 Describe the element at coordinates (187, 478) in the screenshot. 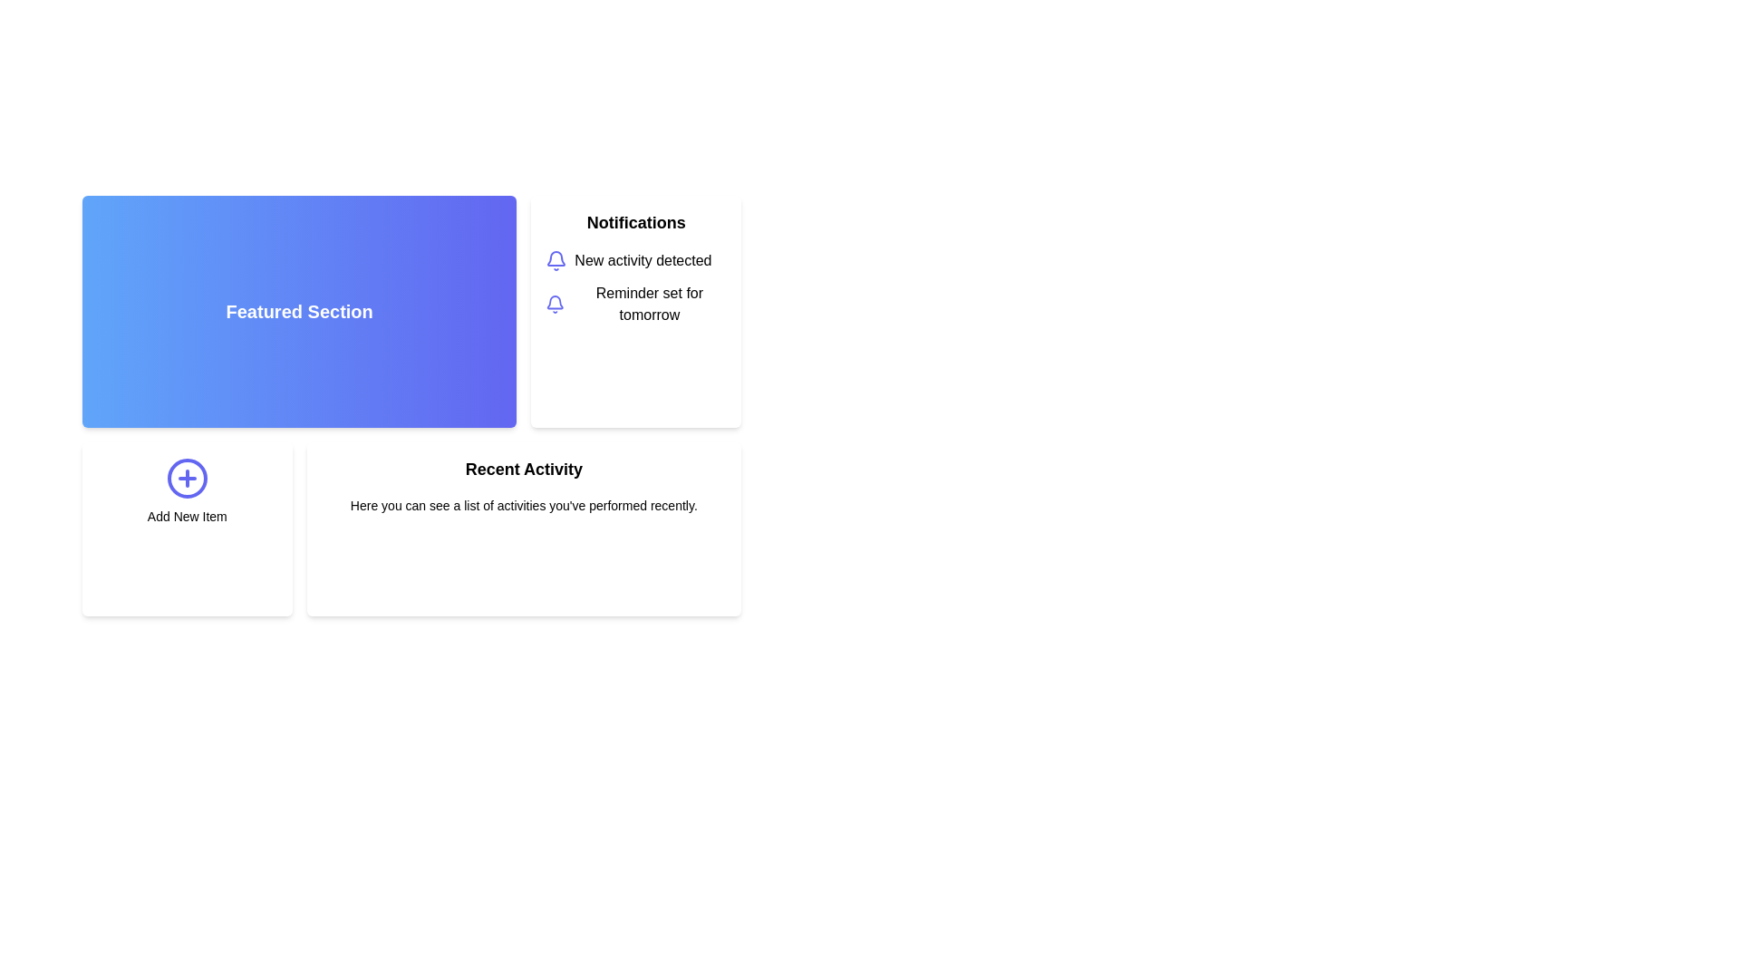

I see `the circular icon button featuring a bright indigo plus symbol (+) located at the center top of the 'Add New Item' card to initiate the action` at that location.